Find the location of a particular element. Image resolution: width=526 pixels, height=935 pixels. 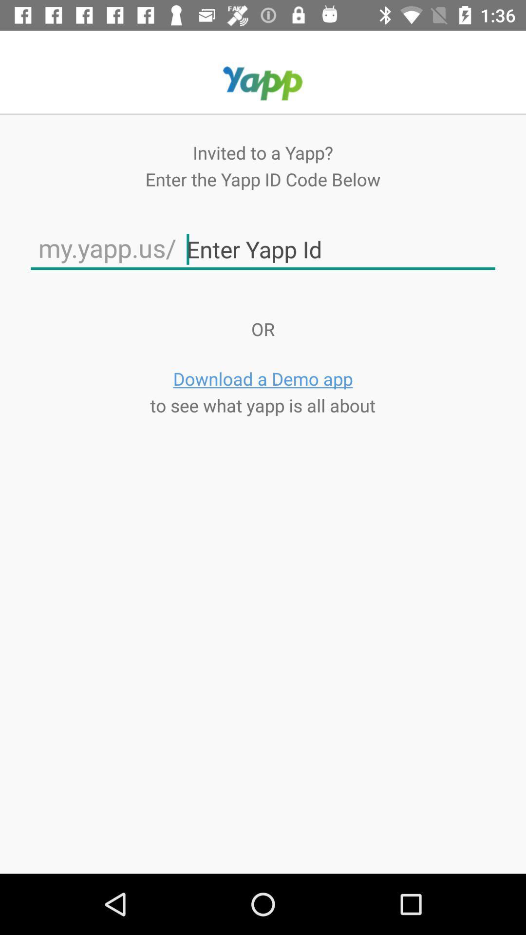

app below or icon is located at coordinates (263, 378).